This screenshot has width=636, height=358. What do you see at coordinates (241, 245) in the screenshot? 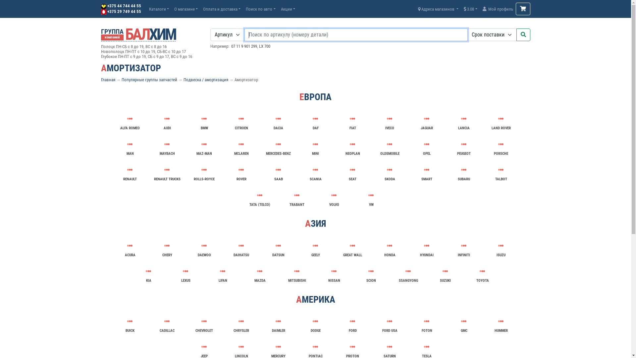
I see `'DAIHATSU'` at bounding box center [241, 245].